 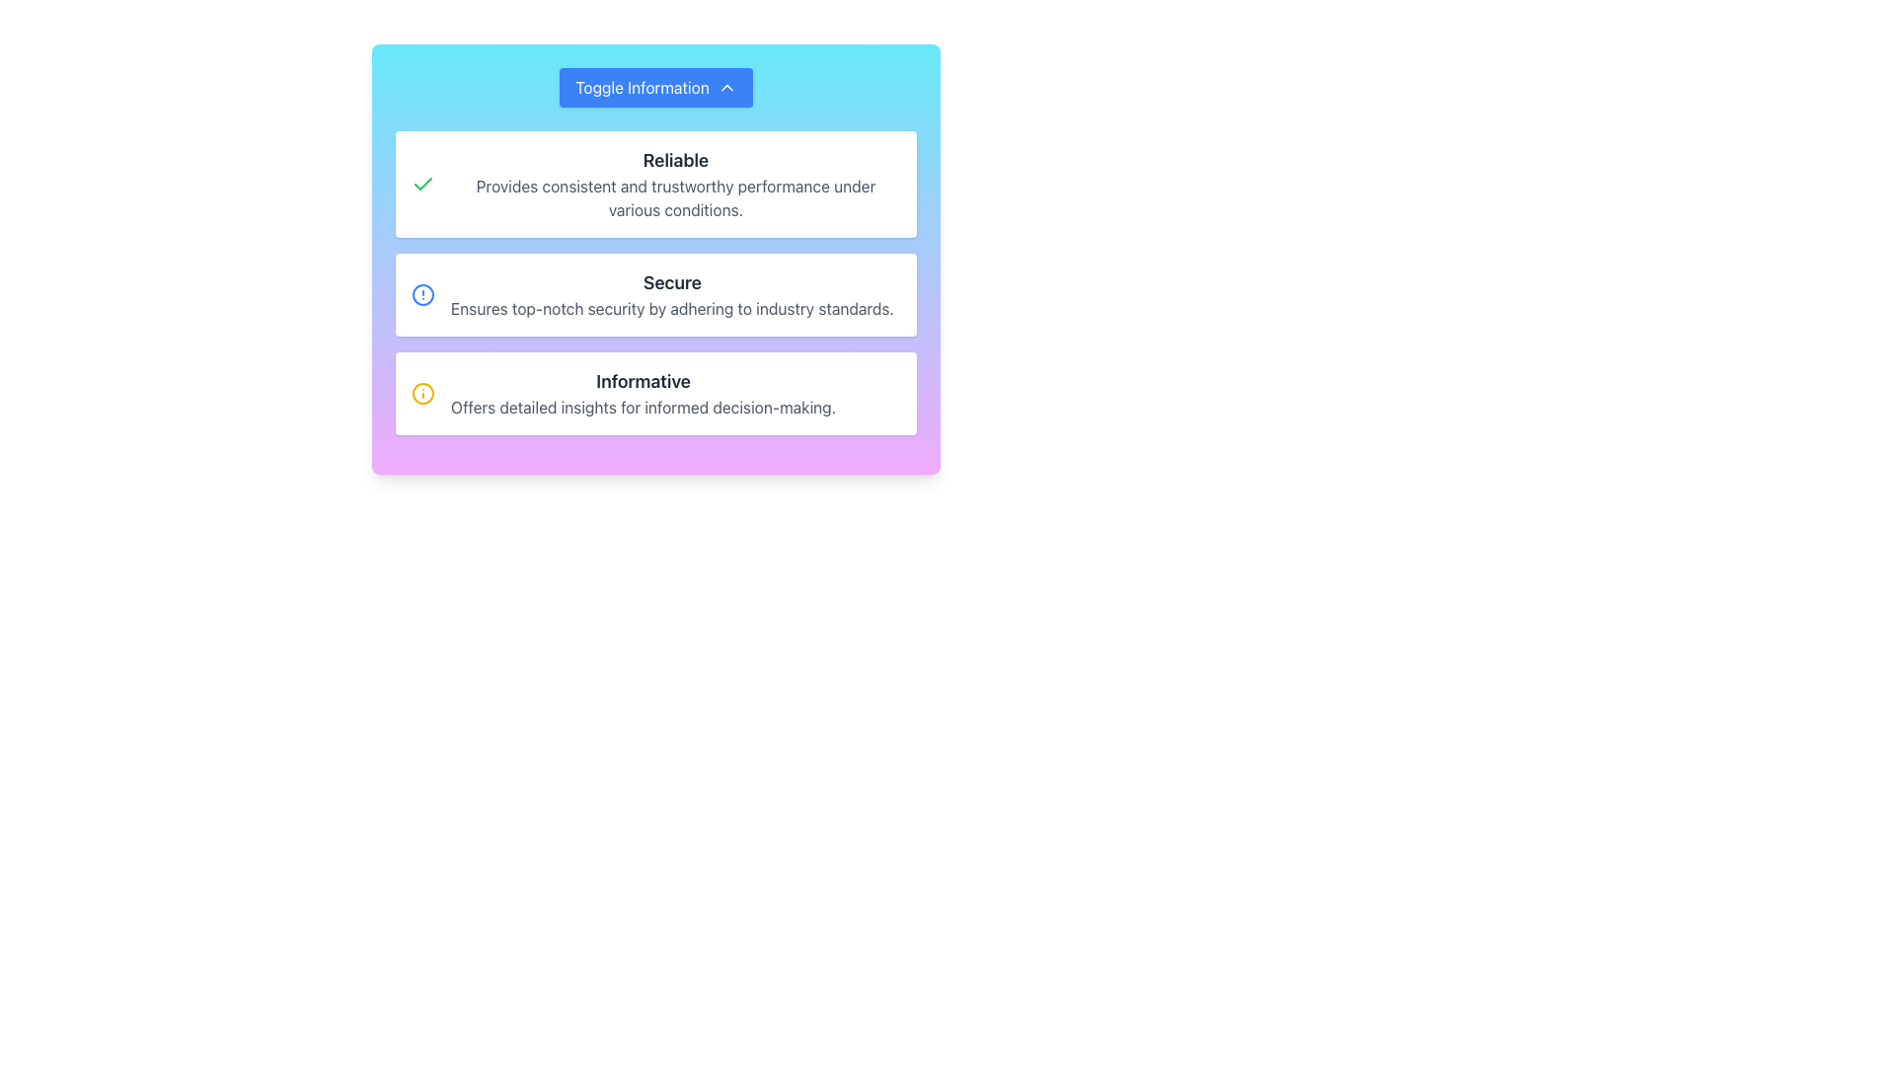 I want to click on descriptive label 'Reliable' along with its explanation 'Provides consistent and trustworthy performance under various conditions.' from the top section of the text block in the vertically stacked list, so click(x=676, y=184).